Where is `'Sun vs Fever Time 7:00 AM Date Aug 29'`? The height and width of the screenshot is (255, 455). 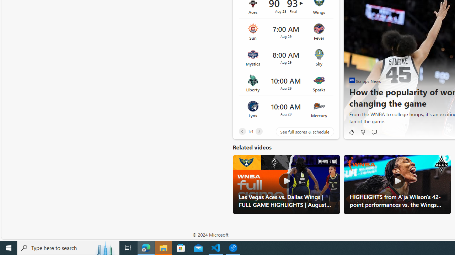
'Sun vs Fever Time 7:00 AM Date Aug 29' is located at coordinates (286, 31).